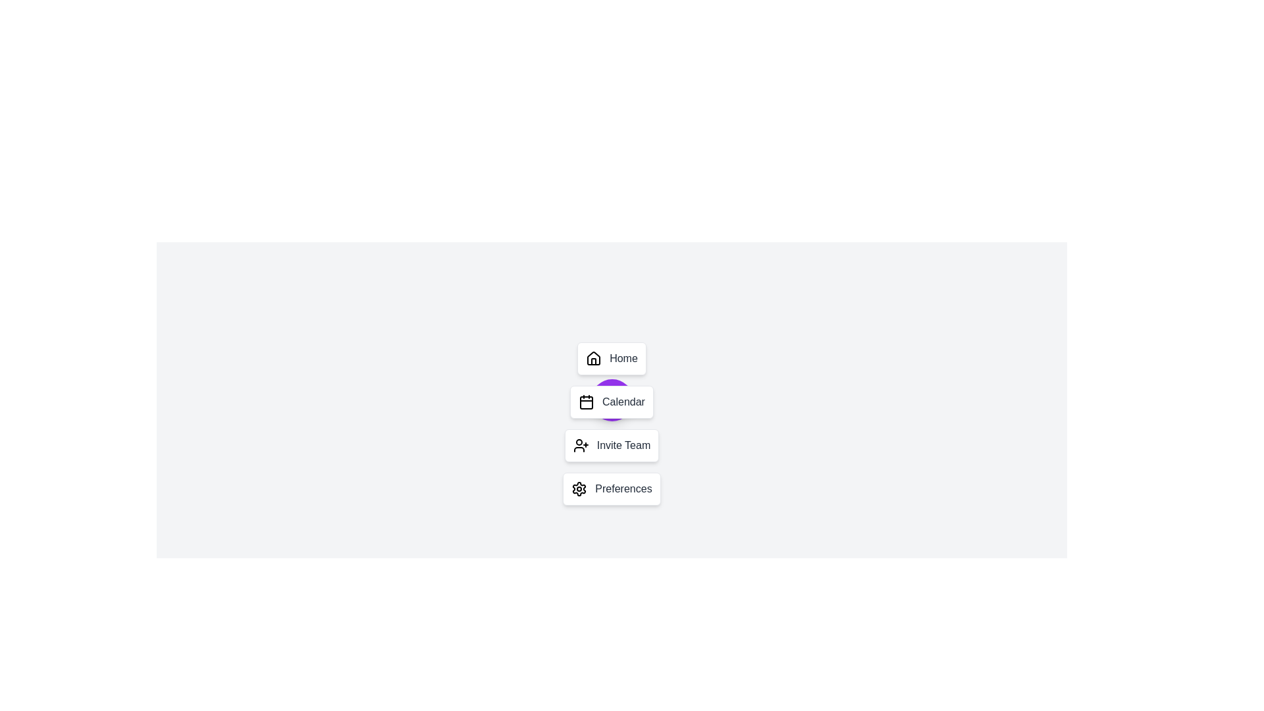 The height and width of the screenshot is (711, 1264). I want to click on the 'Home' text label in the navigation menu, so click(623, 358).